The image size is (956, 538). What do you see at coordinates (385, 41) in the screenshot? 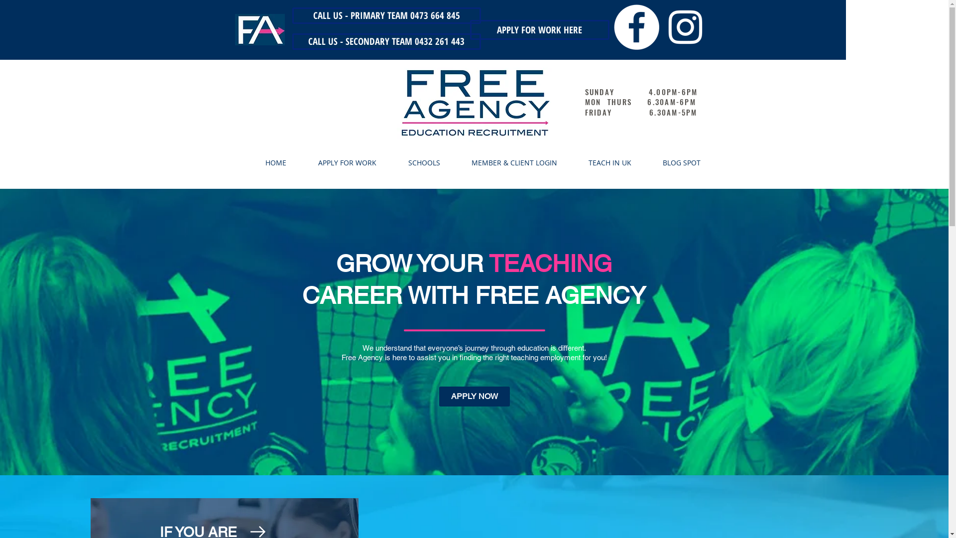
I see `'CALL US - SECONDARY TEAM 0432 261 443'` at bounding box center [385, 41].